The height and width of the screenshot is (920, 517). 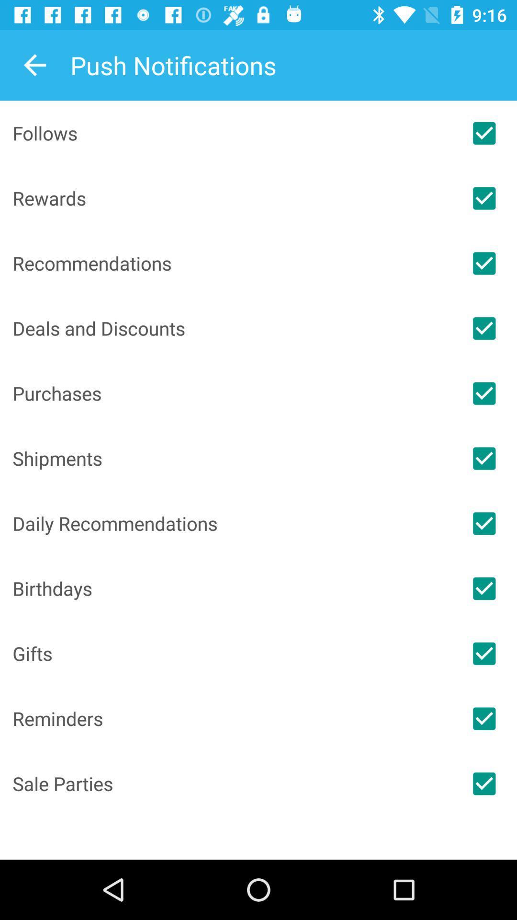 I want to click on notification to be on, so click(x=484, y=653).